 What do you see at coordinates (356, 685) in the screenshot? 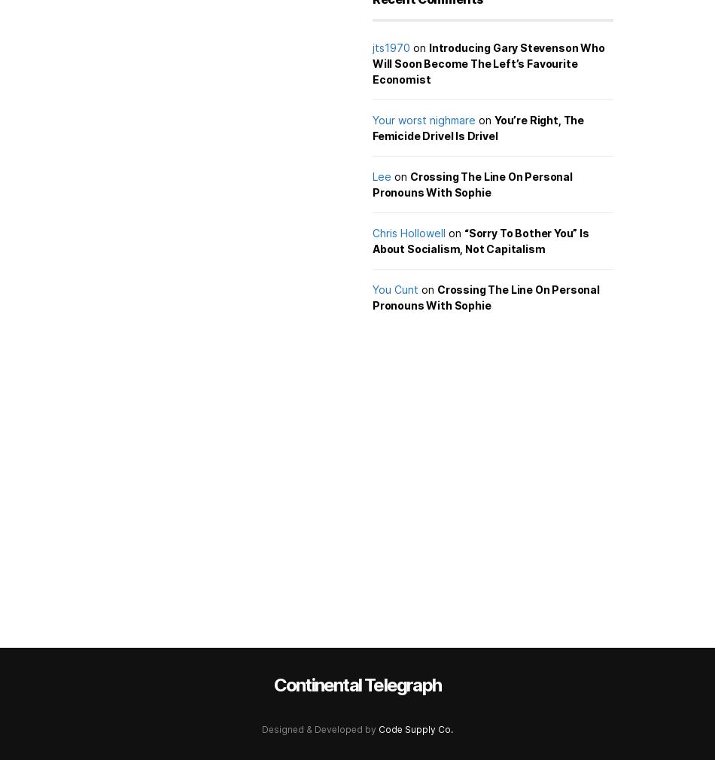
I see `'Continental Telegraph'` at bounding box center [356, 685].